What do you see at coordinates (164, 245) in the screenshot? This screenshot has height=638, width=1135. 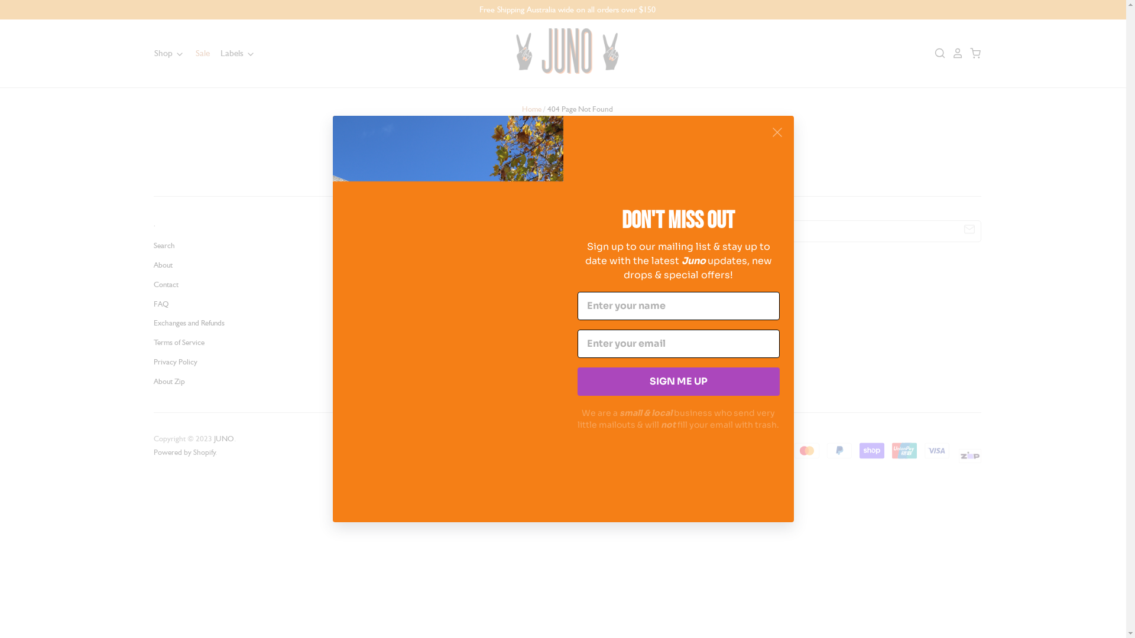 I see `'Search'` at bounding box center [164, 245].